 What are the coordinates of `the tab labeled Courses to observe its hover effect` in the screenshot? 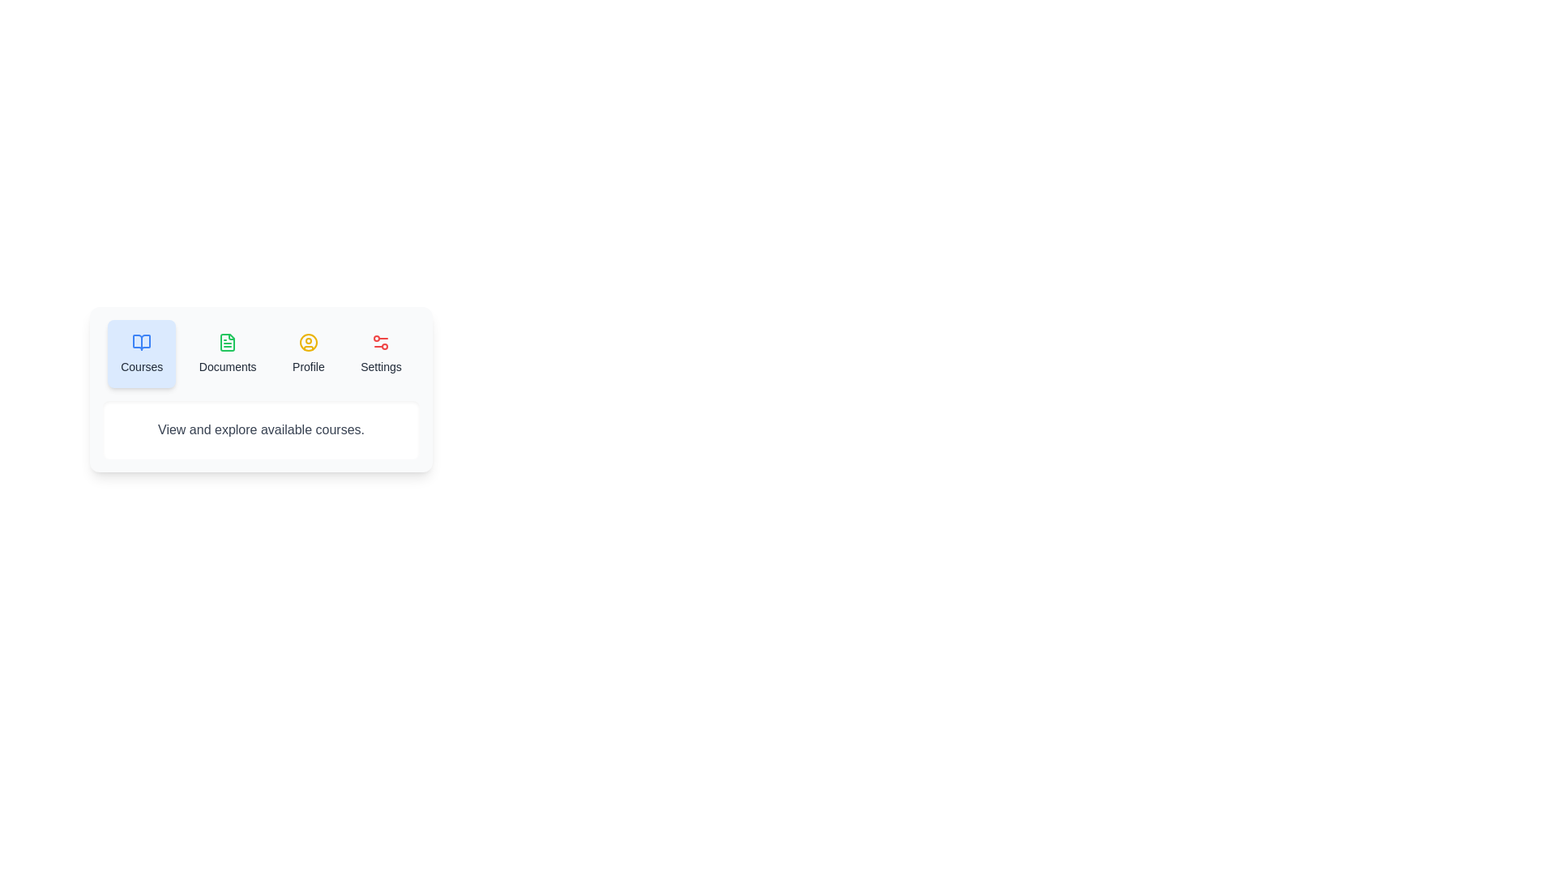 It's located at (142, 352).